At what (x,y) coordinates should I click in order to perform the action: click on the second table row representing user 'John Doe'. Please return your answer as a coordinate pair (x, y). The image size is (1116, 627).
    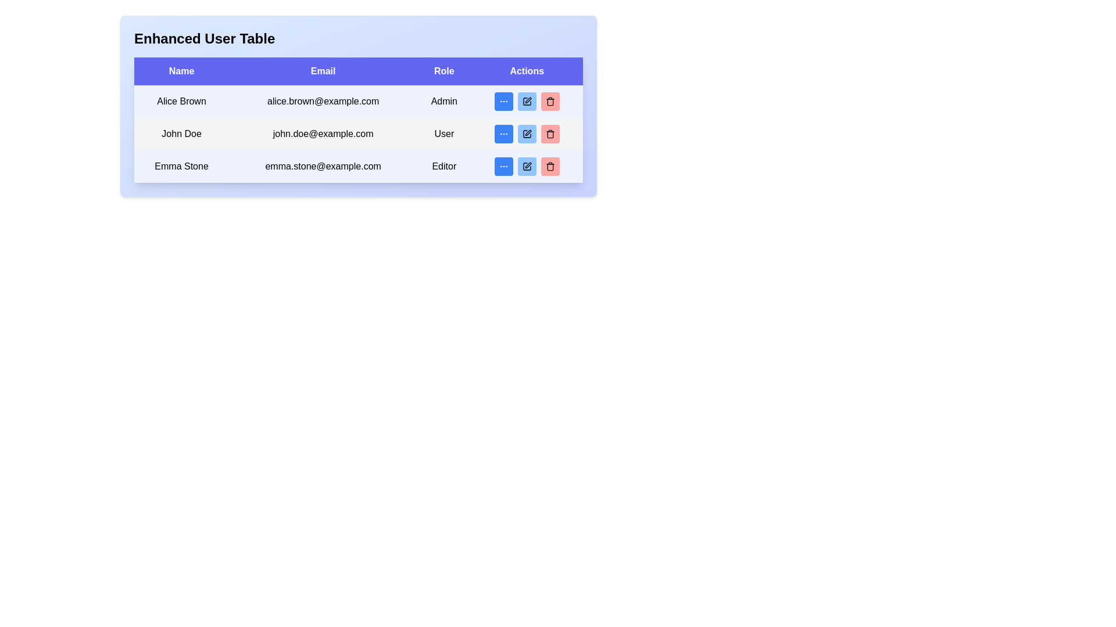
    Looking at the image, I should click on (358, 134).